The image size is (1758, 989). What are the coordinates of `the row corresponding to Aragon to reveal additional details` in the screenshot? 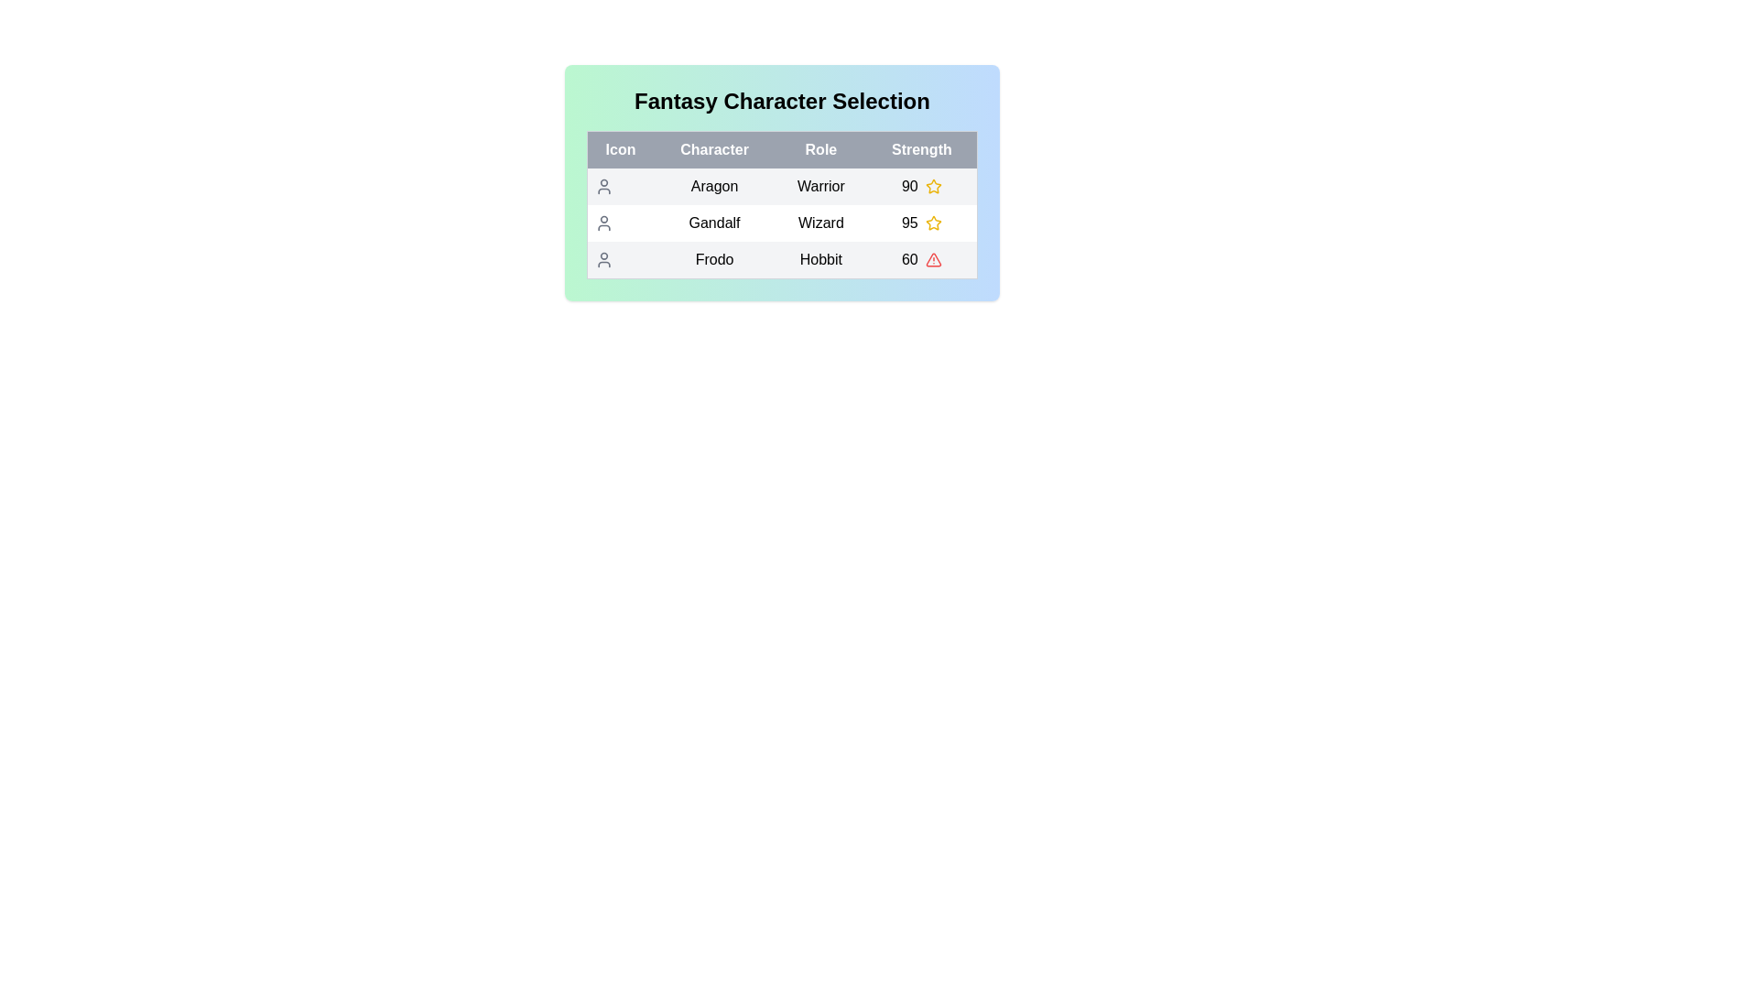 It's located at (782, 187).